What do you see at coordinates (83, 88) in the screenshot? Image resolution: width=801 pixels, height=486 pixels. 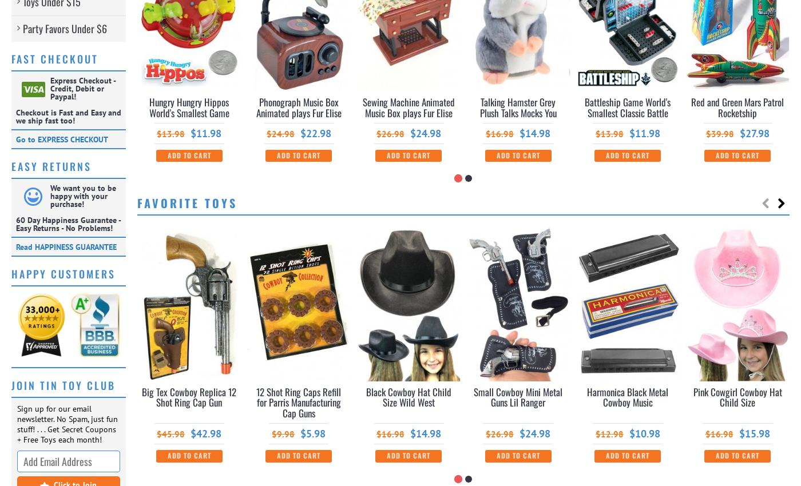 I see `'Express Checkout - Credit, Debit or Paypal!'` at bounding box center [83, 88].